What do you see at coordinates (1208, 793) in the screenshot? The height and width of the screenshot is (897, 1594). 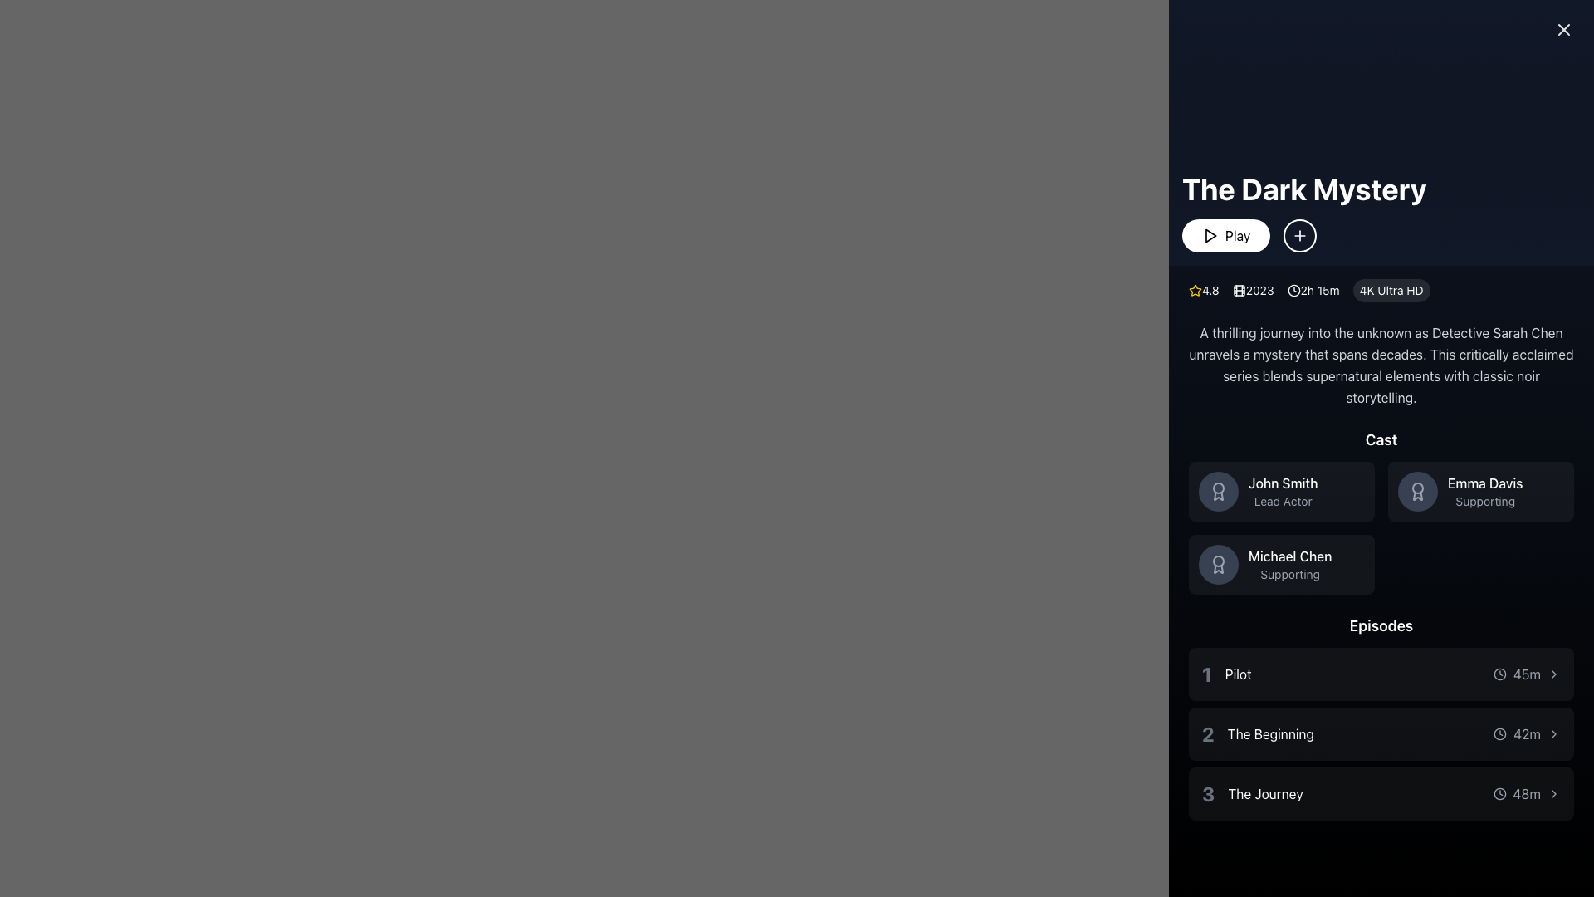 I see `the text label displaying the ordinal number '3 The Journey' in the 'Episodes' list to focus on it` at bounding box center [1208, 793].